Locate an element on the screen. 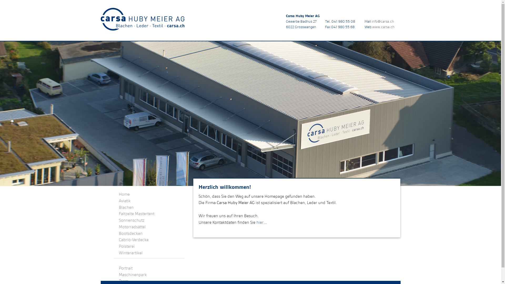  'Home' is located at coordinates (124, 194).